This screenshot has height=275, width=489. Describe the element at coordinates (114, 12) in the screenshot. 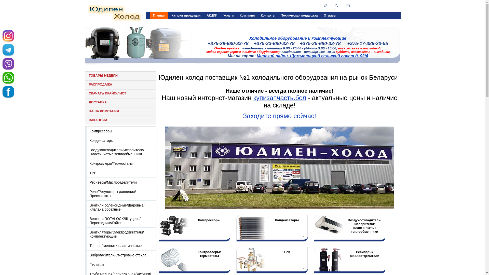

I see `'logo1.gif'` at that location.